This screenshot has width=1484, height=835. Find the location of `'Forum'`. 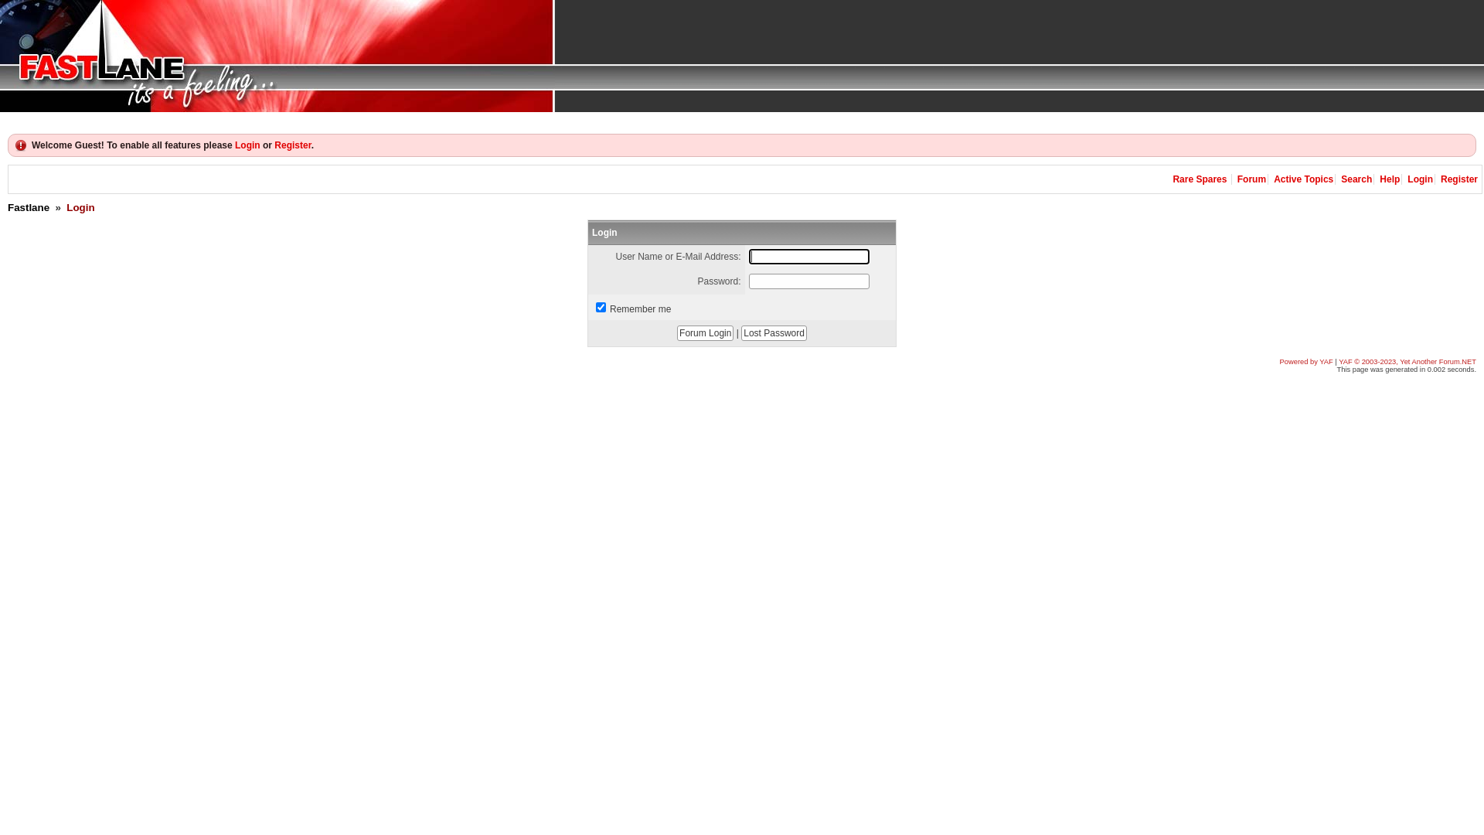

'Forum' is located at coordinates (1251, 178).